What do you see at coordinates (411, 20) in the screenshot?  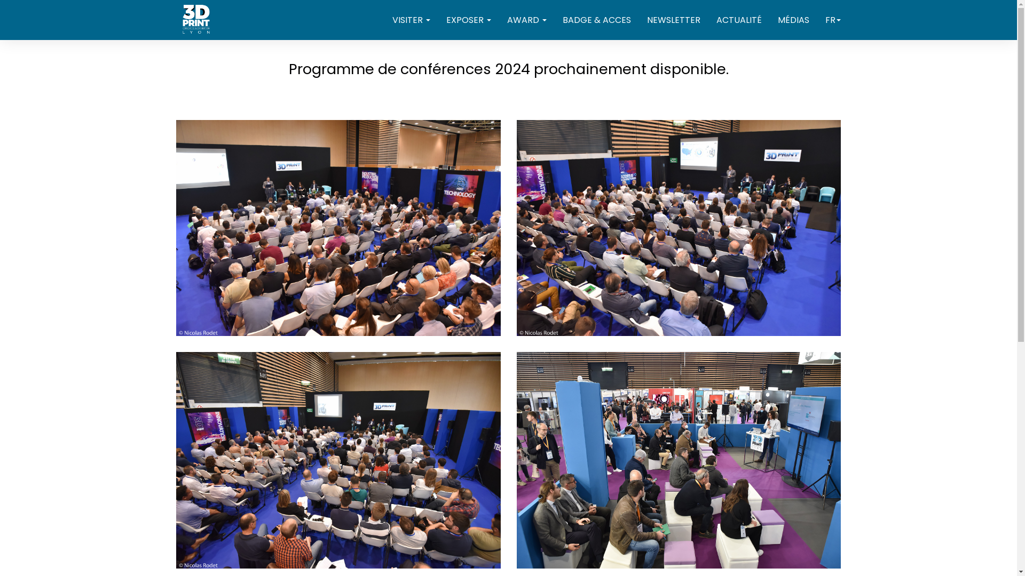 I see `'VISITER'` at bounding box center [411, 20].